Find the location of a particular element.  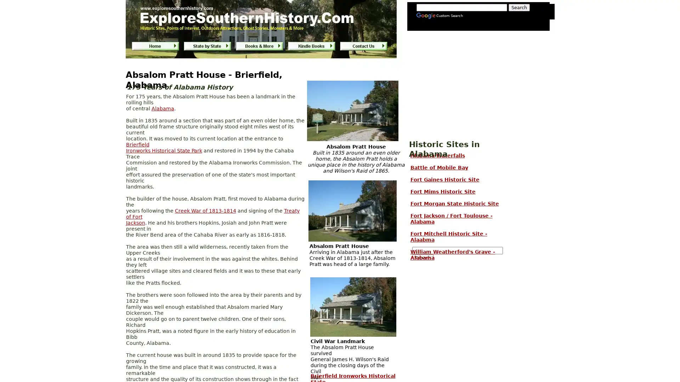

Search is located at coordinates (423, 258).